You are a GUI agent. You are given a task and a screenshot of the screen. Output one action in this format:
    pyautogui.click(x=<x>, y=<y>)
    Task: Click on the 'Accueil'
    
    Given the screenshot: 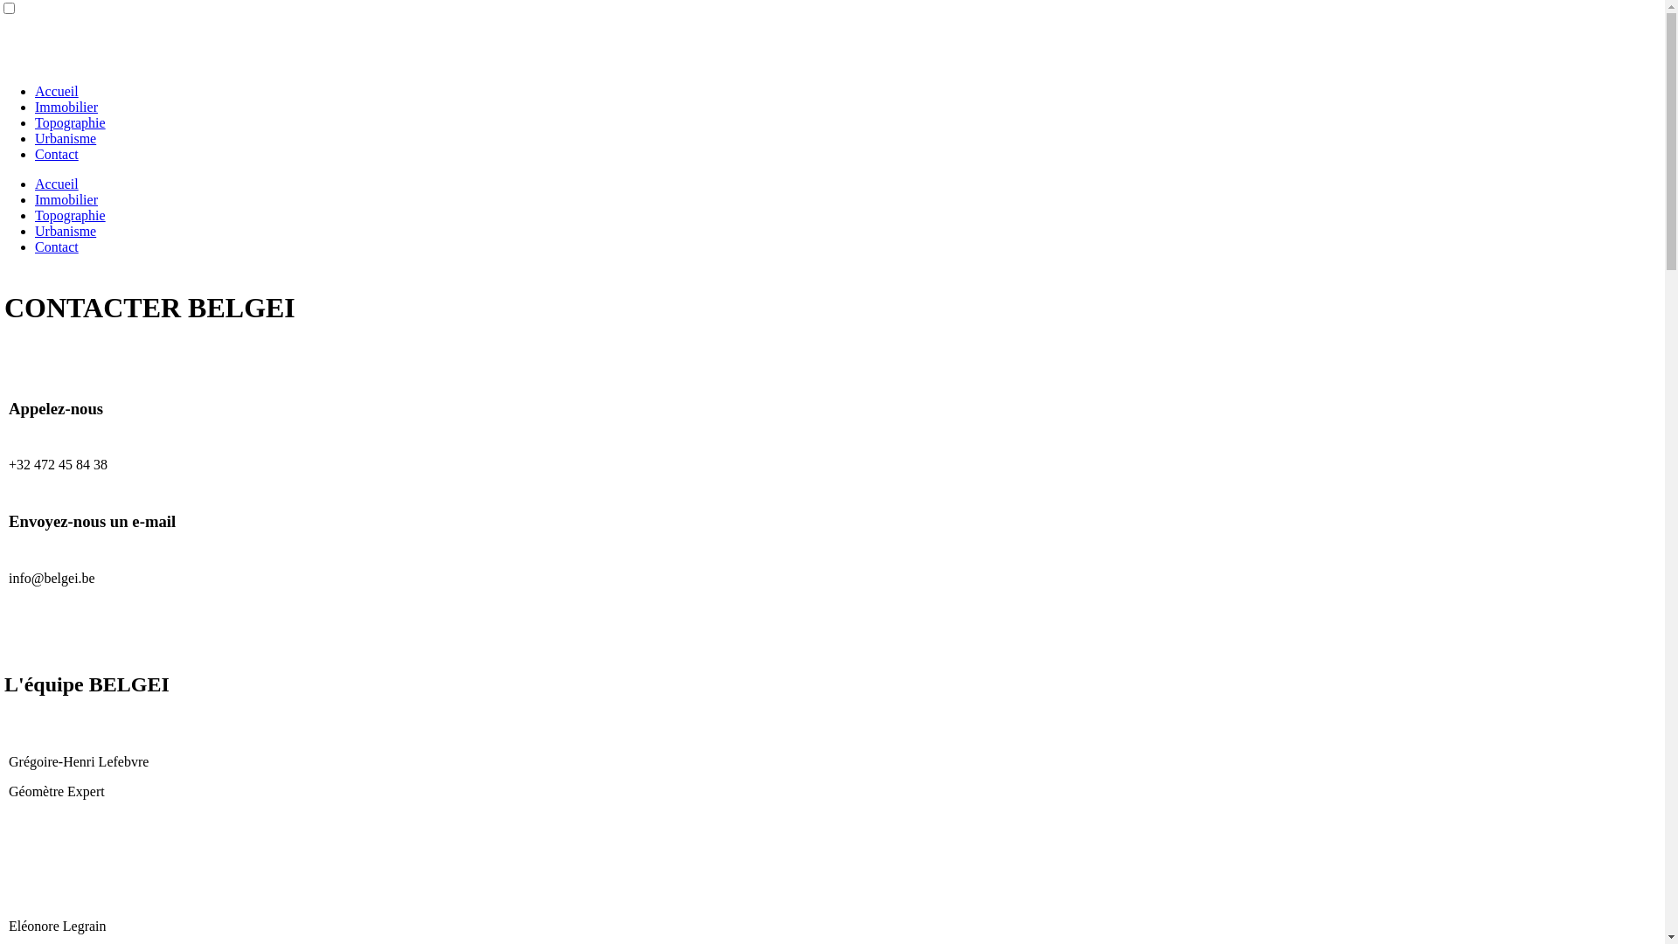 What is the action you would take?
    pyautogui.click(x=57, y=91)
    